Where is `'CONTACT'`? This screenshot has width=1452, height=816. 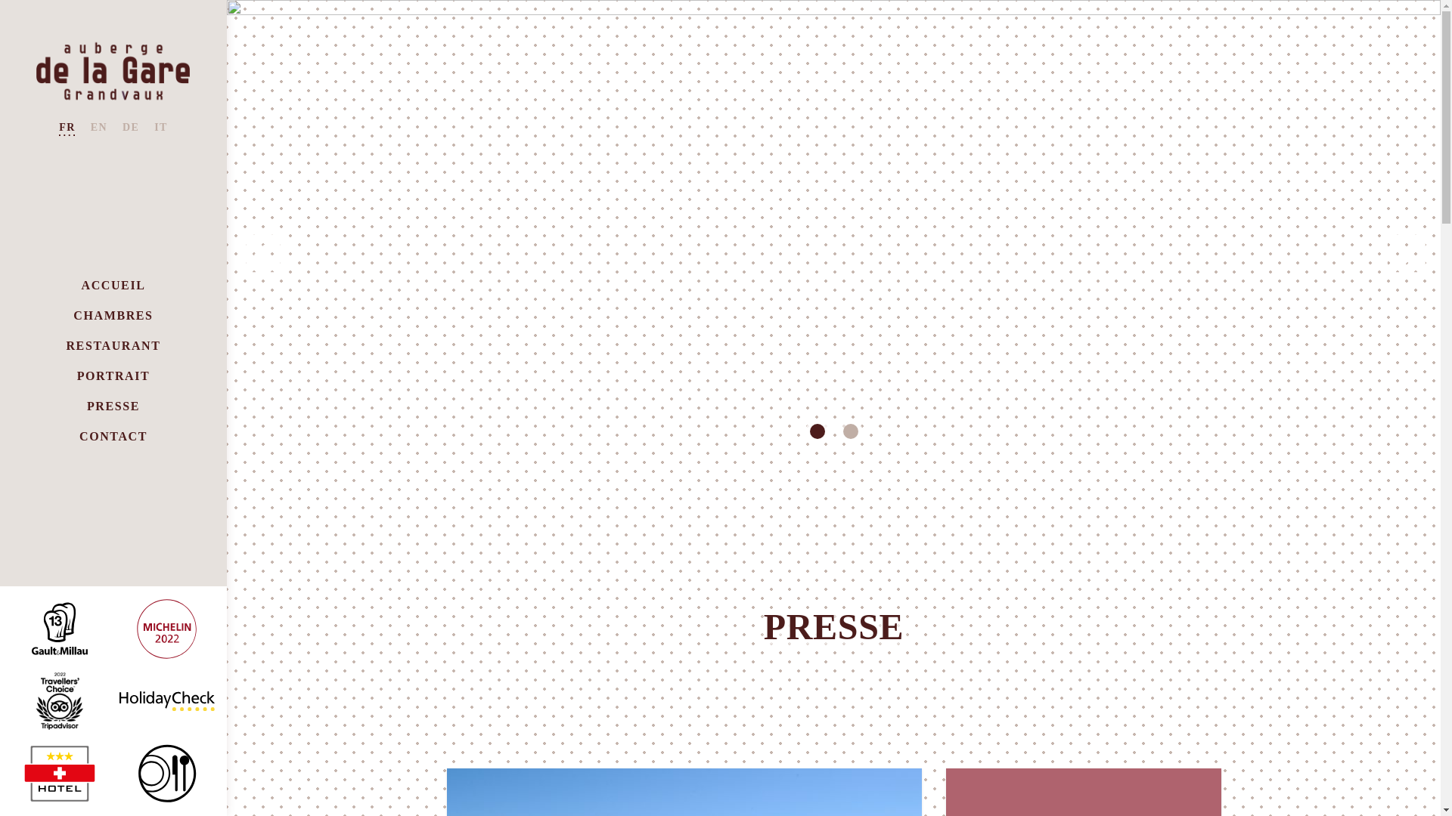 'CONTACT' is located at coordinates (79, 437).